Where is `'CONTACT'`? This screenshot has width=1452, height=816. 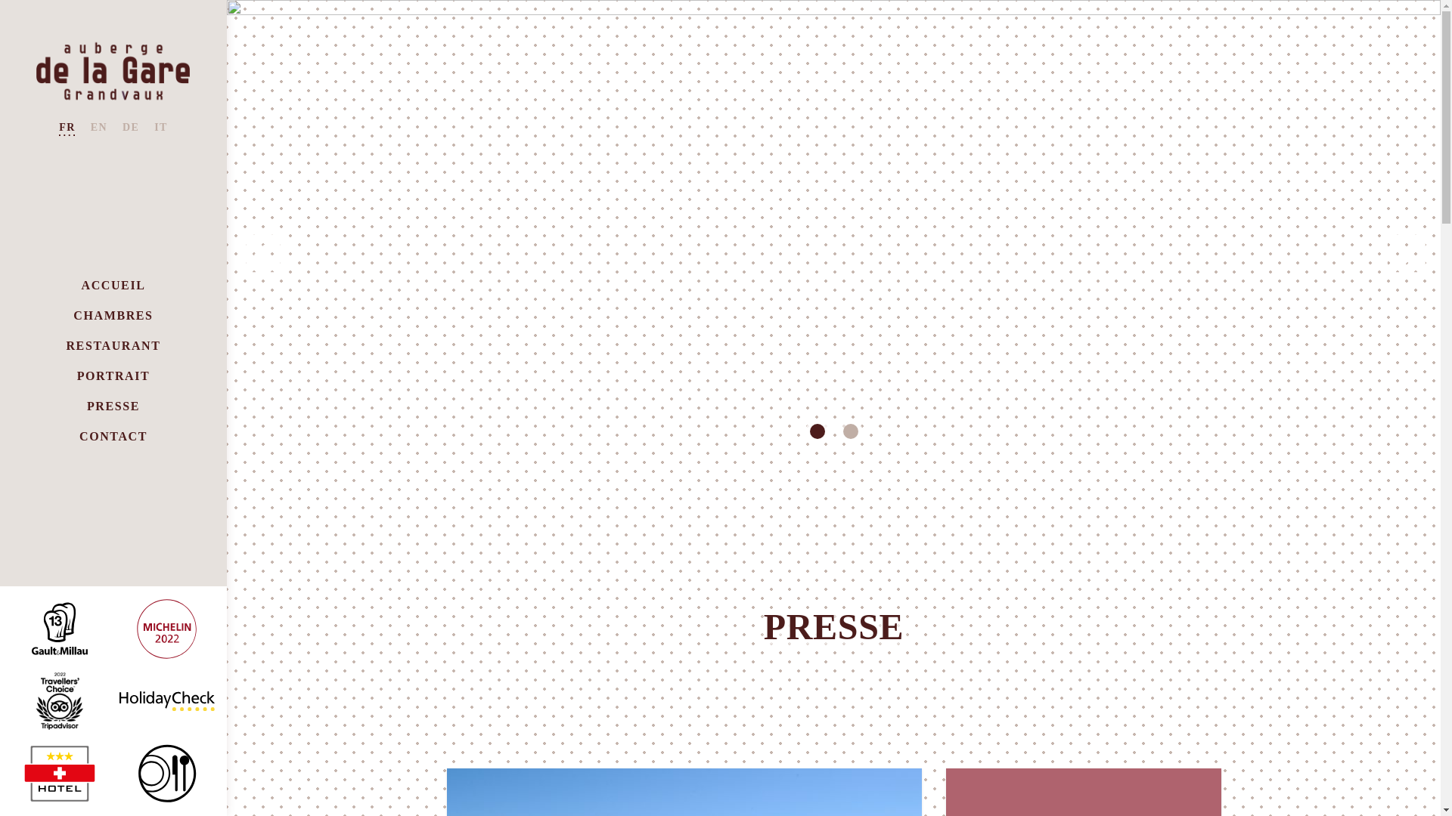 'CONTACT' is located at coordinates (79, 437).